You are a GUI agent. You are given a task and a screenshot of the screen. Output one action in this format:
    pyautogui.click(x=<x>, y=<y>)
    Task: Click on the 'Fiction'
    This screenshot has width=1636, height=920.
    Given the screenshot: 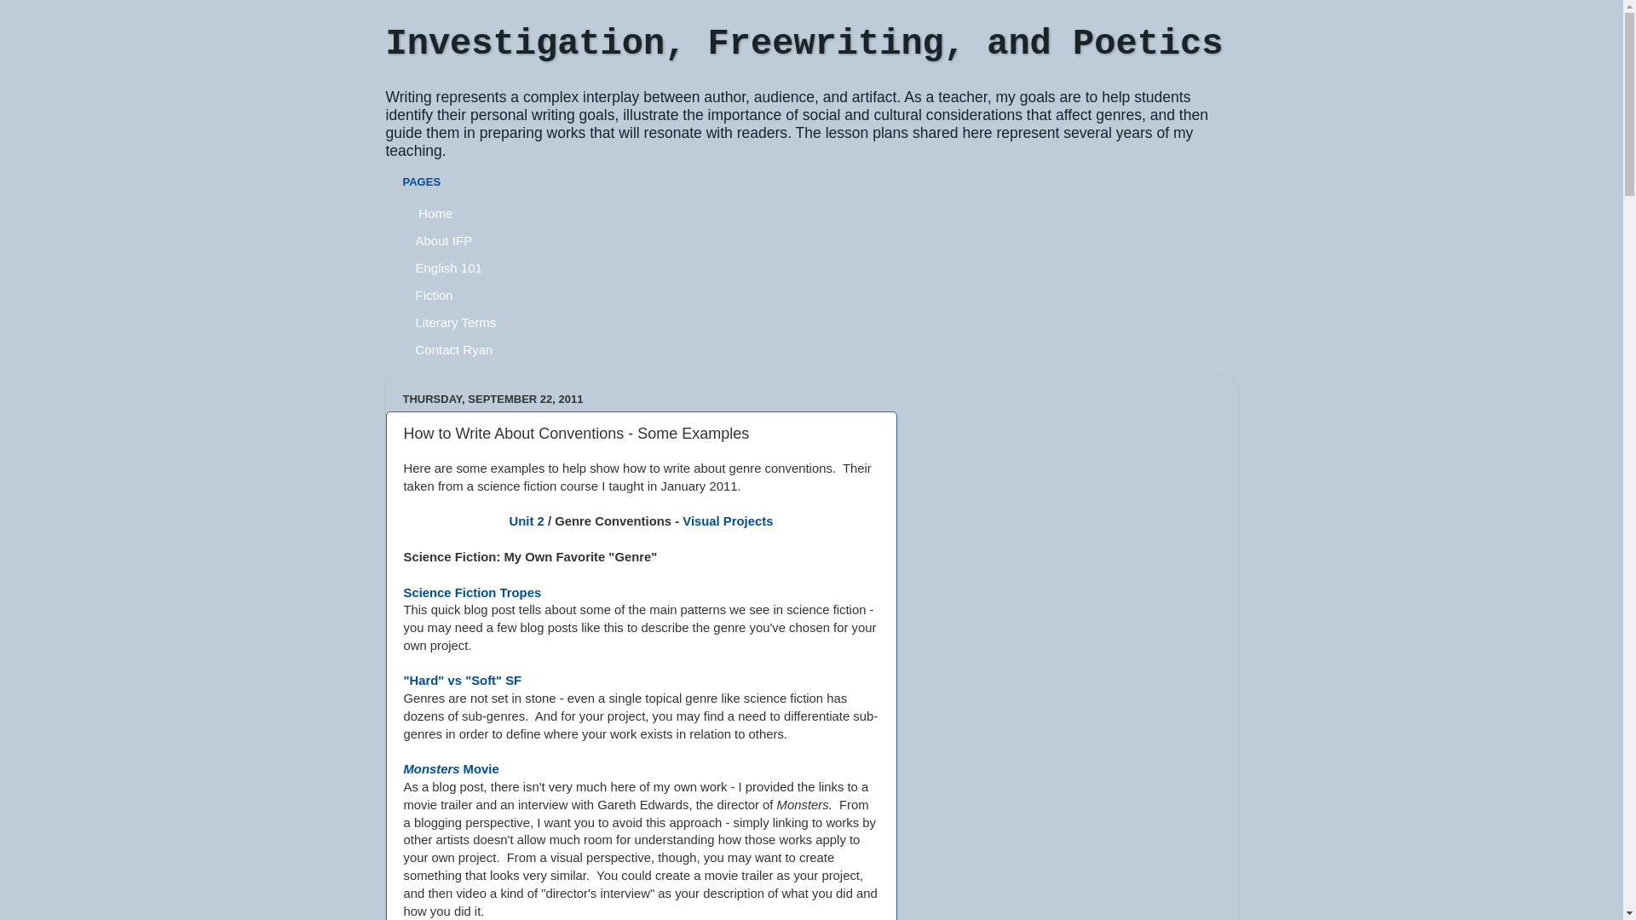 What is the action you would take?
    pyautogui.click(x=434, y=294)
    